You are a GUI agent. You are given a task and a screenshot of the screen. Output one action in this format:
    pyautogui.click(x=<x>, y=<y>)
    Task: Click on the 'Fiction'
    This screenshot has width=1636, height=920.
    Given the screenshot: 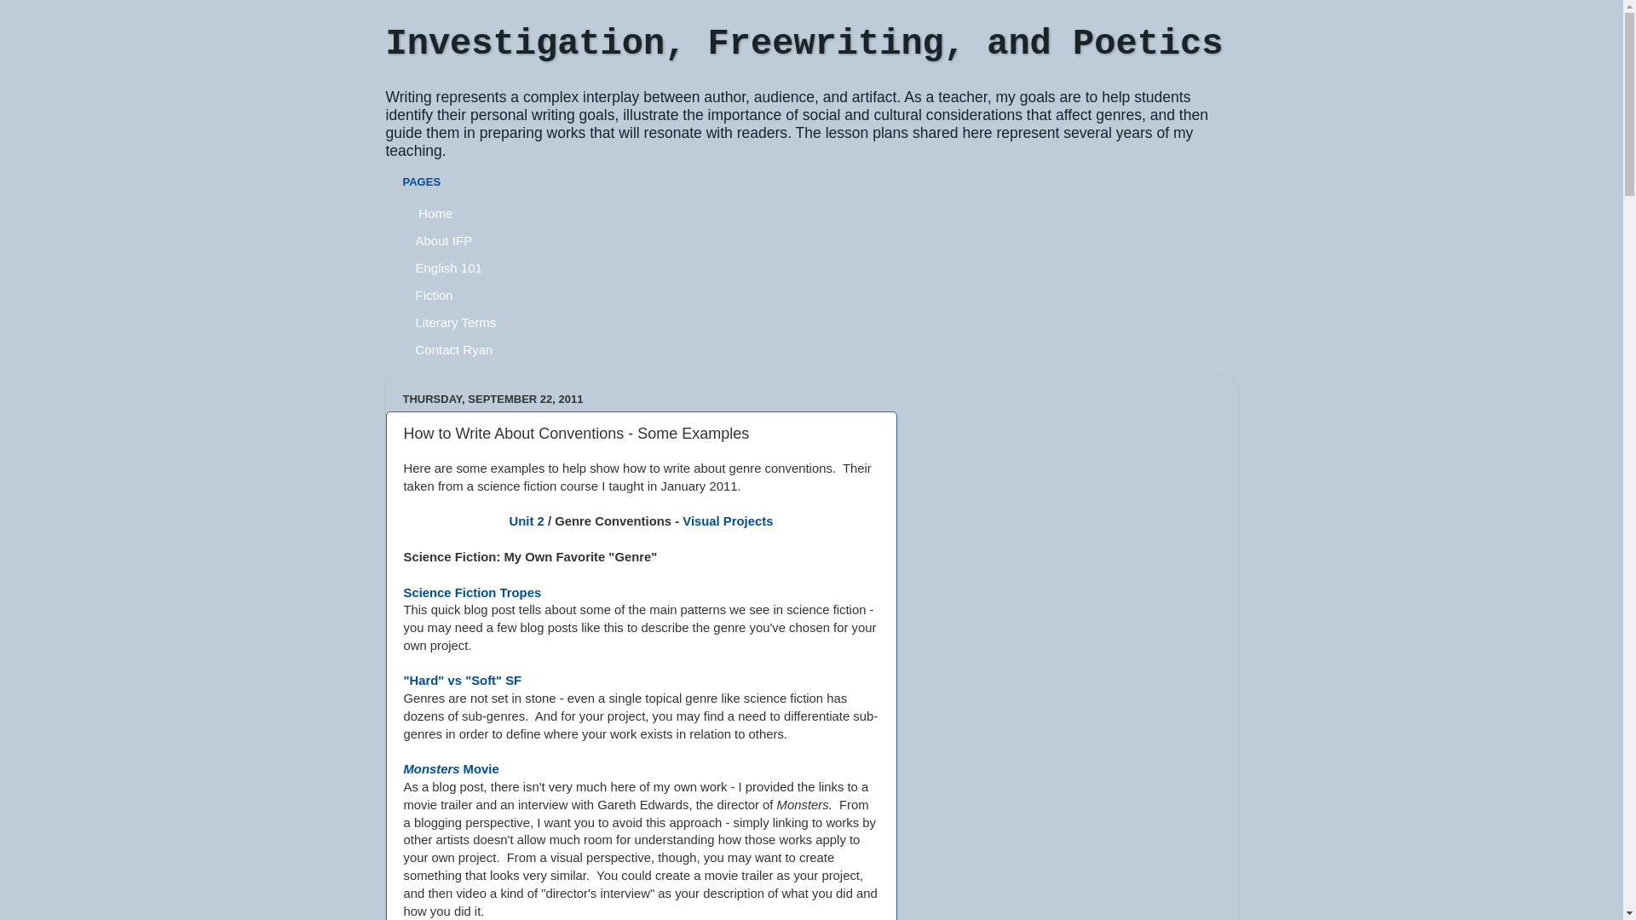 What is the action you would take?
    pyautogui.click(x=434, y=294)
    